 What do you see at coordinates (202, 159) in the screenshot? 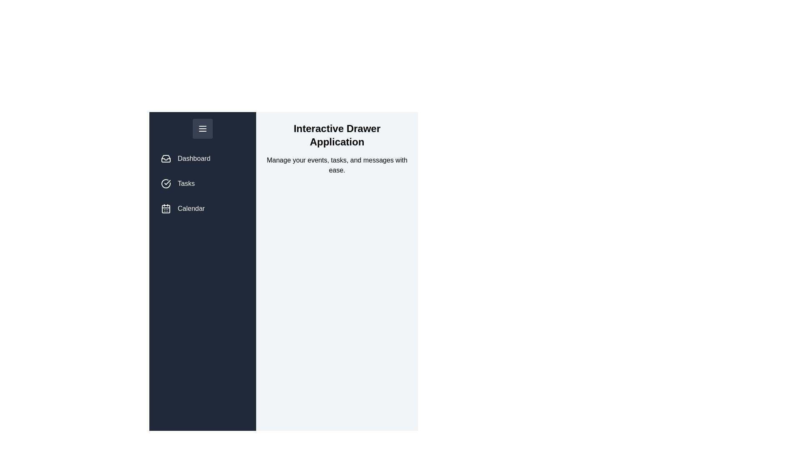
I see `the 'Dashboard' menu item, which features an inbox icon on the left and is the first entry in the vertical menu list` at bounding box center [202, 159].